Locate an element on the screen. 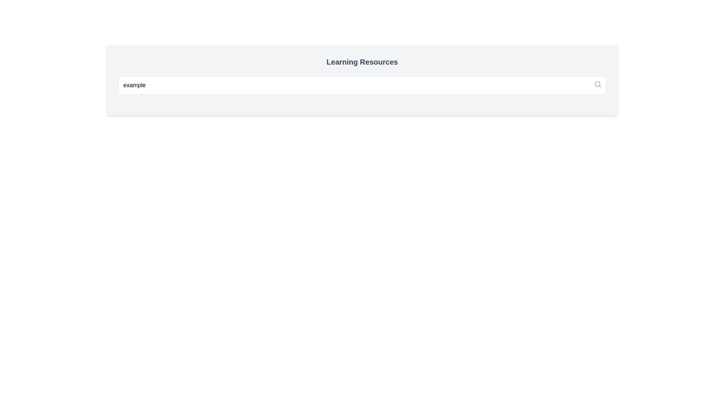 The width and height of the screenshot is (713, 401). the search icon, which is a light gray magnifying glass located on the right side of the text input field is located at coordinates (598, 84).